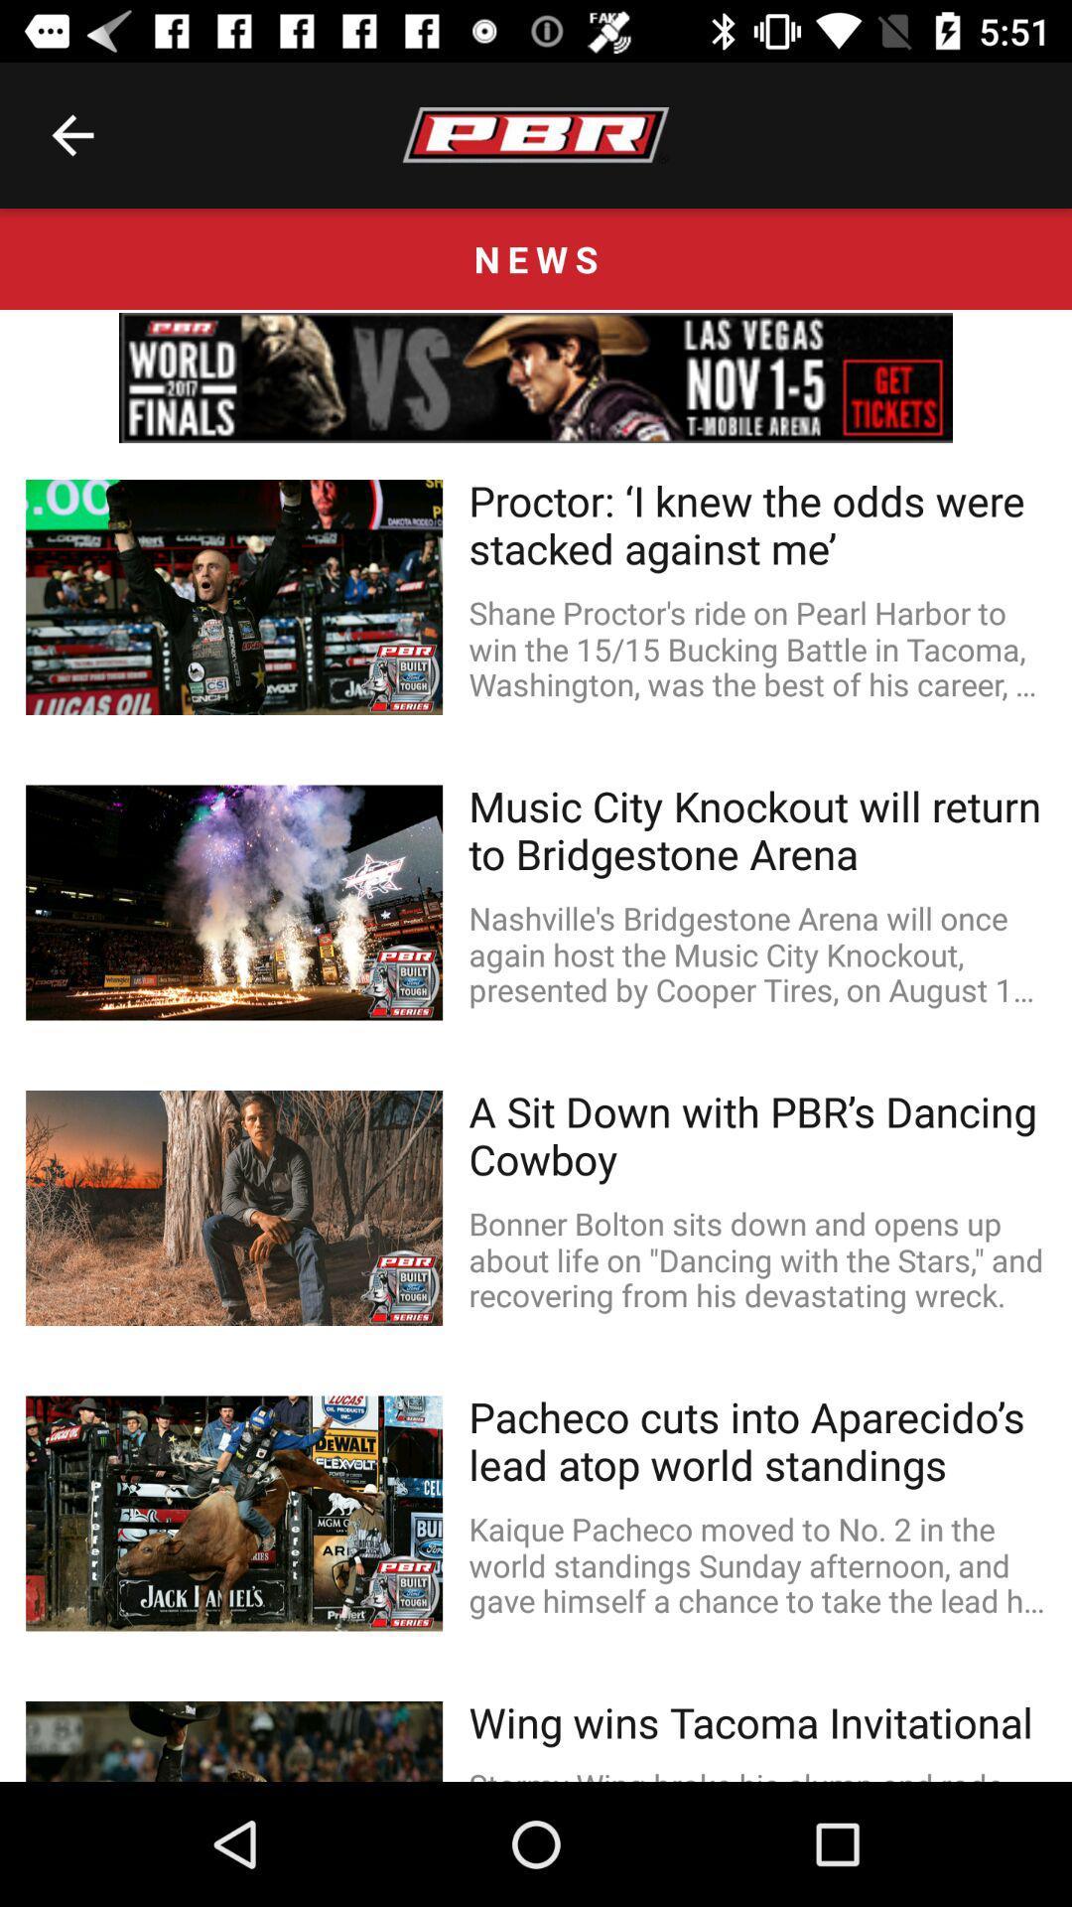 This screenshot has height=1907, width=1072. I want to click on advertisement link, so click(536, 377).